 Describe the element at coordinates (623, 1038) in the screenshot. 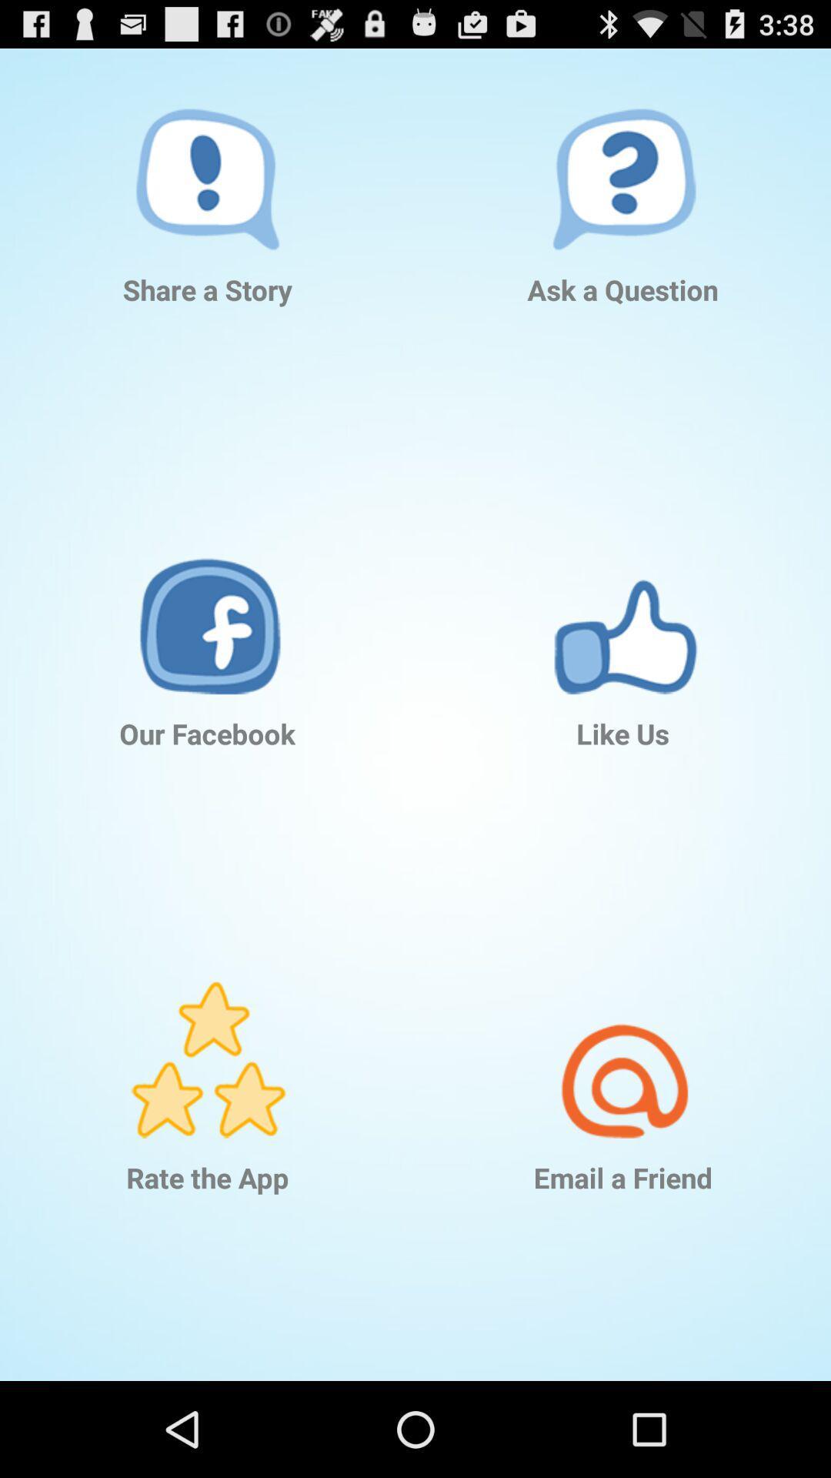

I see `the email icon` at that location.